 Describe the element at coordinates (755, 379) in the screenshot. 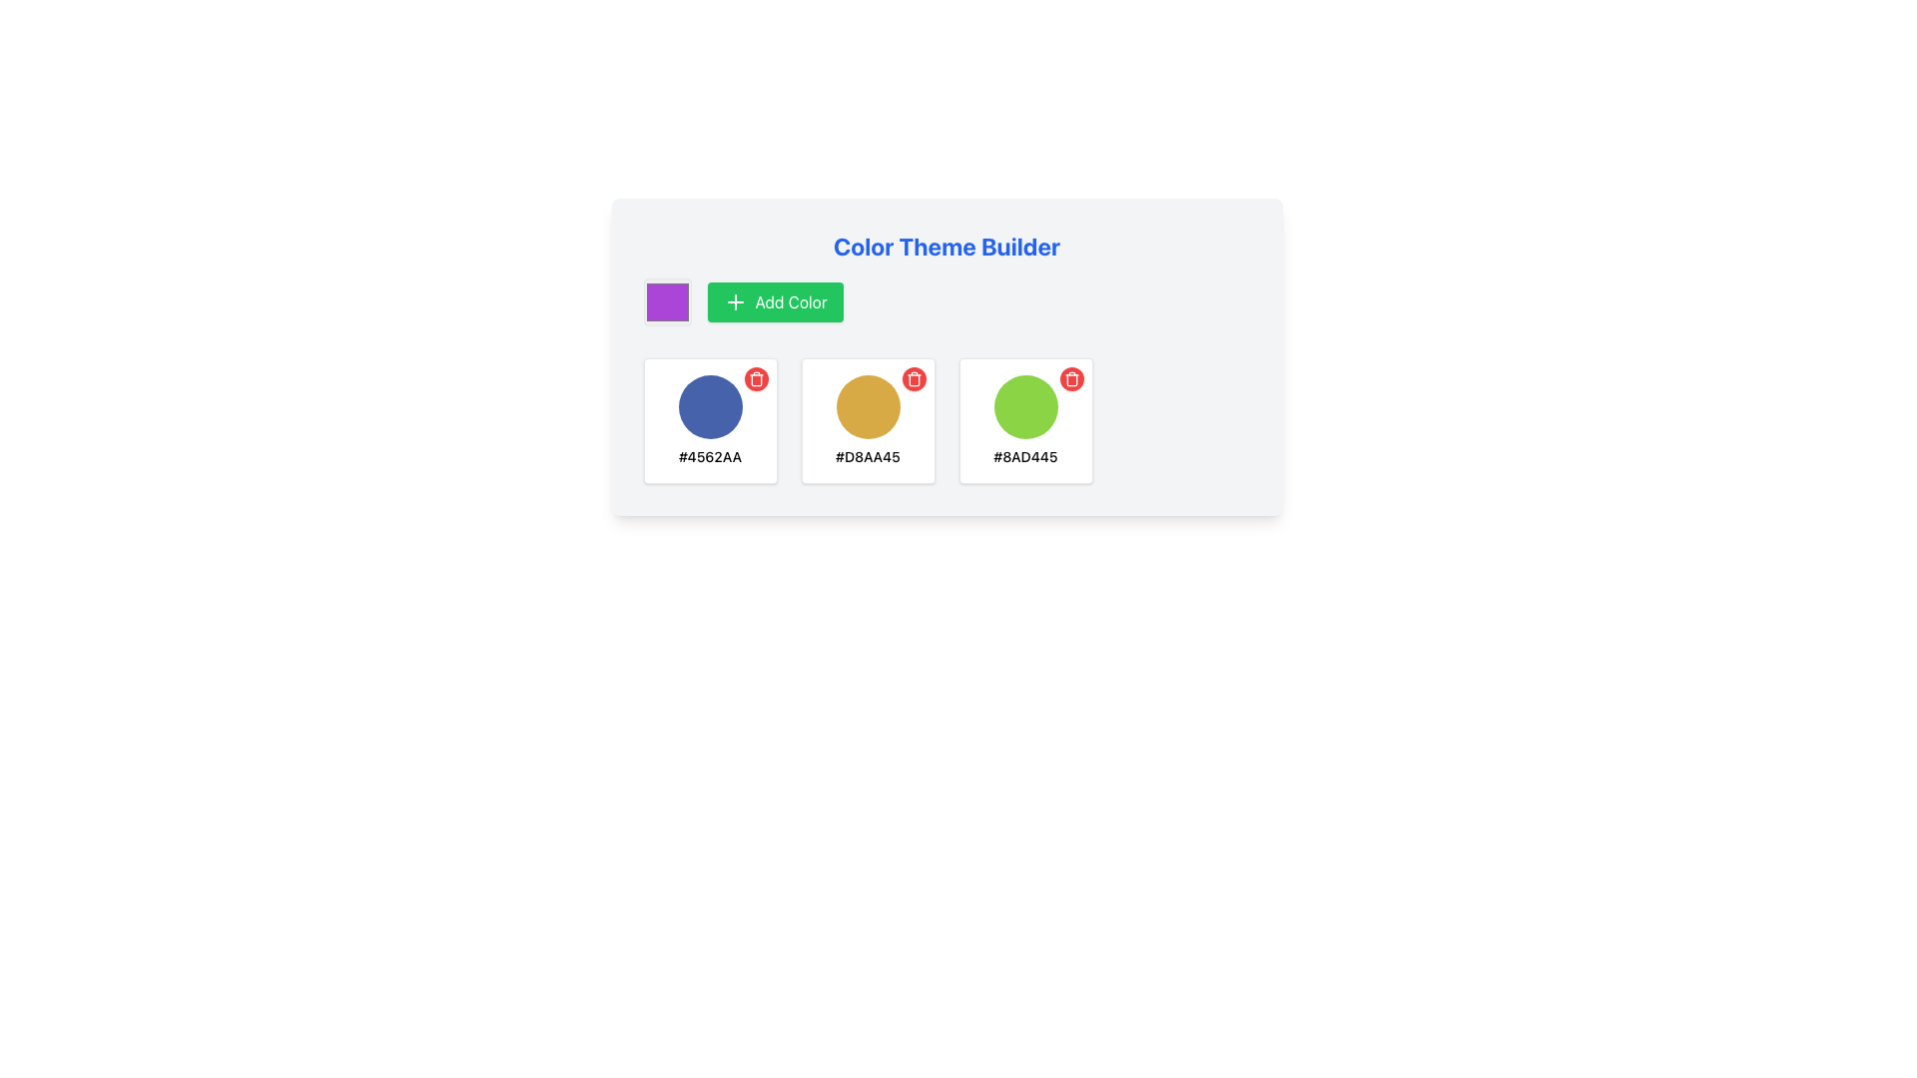

I see `the delete button located in the top-right corner of the first color card` at that location.